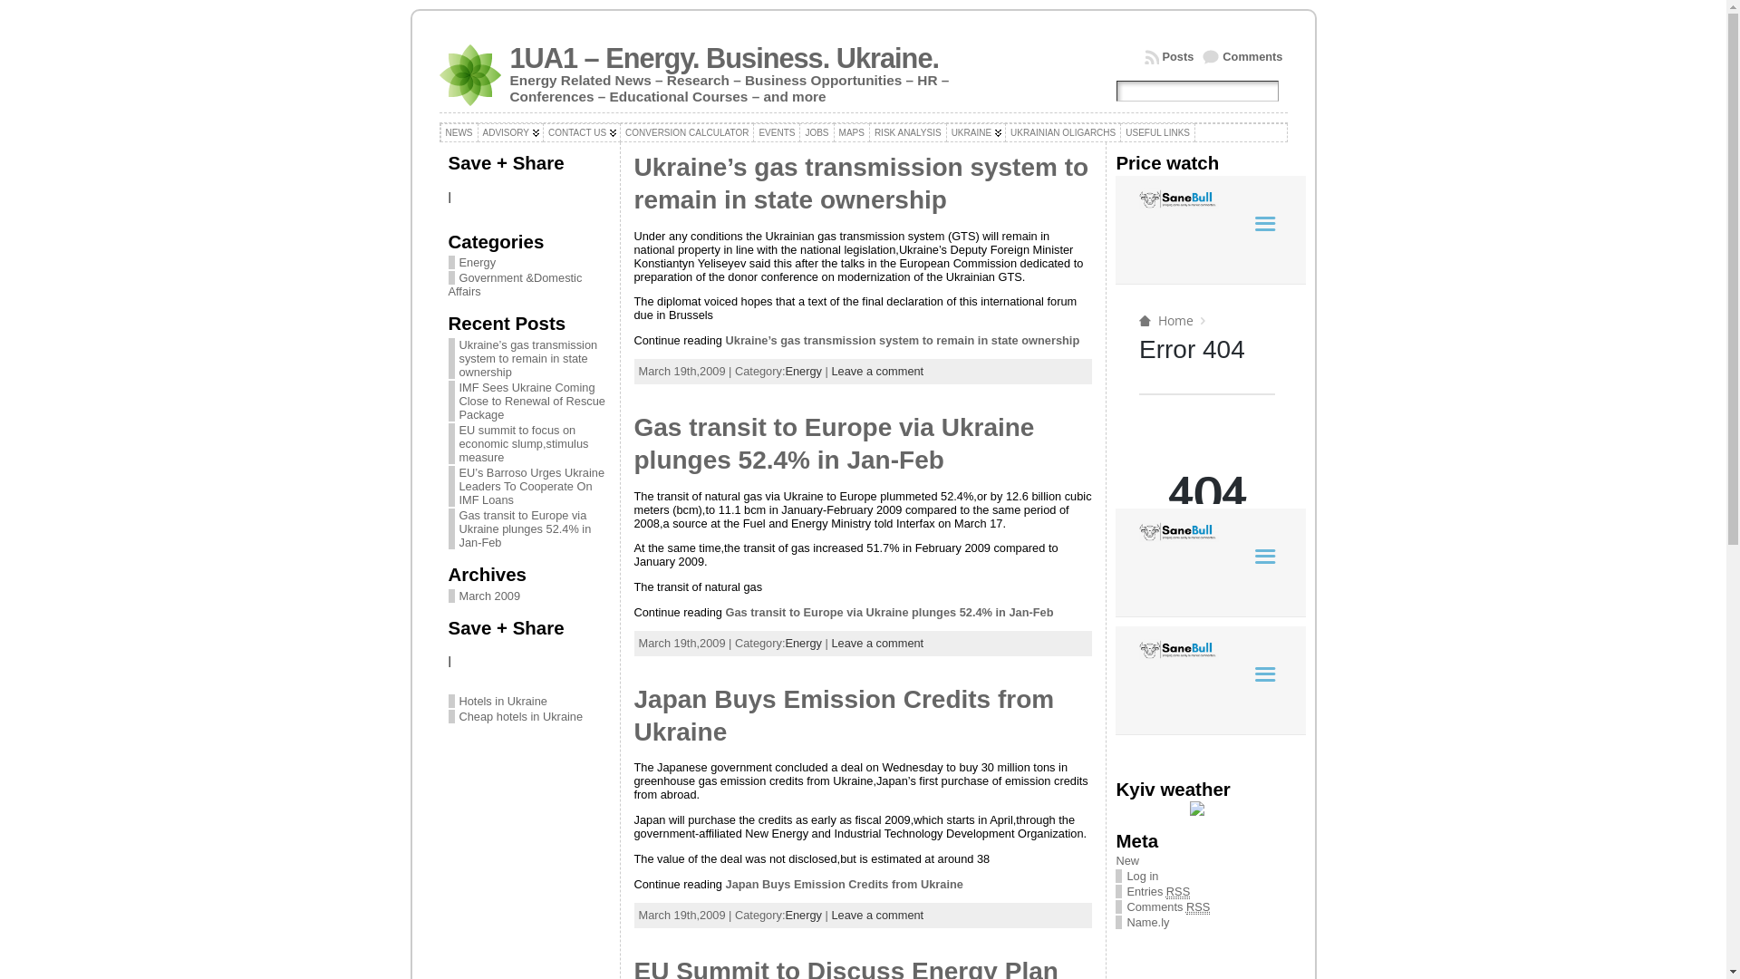 This screenshot has width=1740, height=979. I want to click on 'JOBS', so click(816, 131).